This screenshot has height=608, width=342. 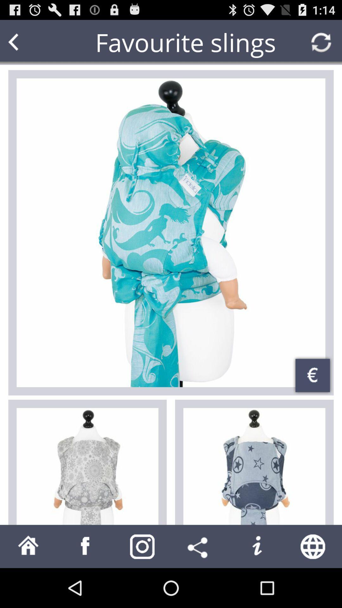 I want to click on access the internet/web browser, so click(x=313, y=546).